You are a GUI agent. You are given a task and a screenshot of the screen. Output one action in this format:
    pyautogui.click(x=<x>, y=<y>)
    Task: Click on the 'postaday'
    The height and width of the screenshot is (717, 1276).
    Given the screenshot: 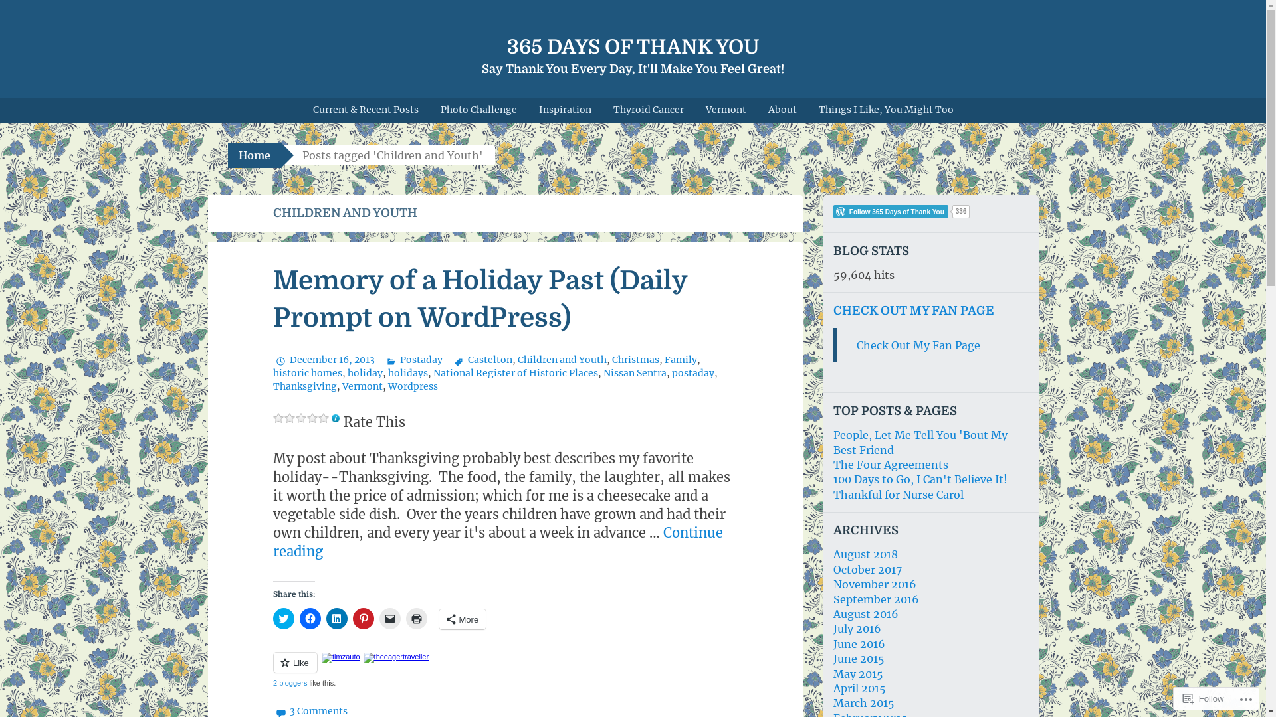 What is the action you would take?
    pyautogui.click(x=691, y=373)
    